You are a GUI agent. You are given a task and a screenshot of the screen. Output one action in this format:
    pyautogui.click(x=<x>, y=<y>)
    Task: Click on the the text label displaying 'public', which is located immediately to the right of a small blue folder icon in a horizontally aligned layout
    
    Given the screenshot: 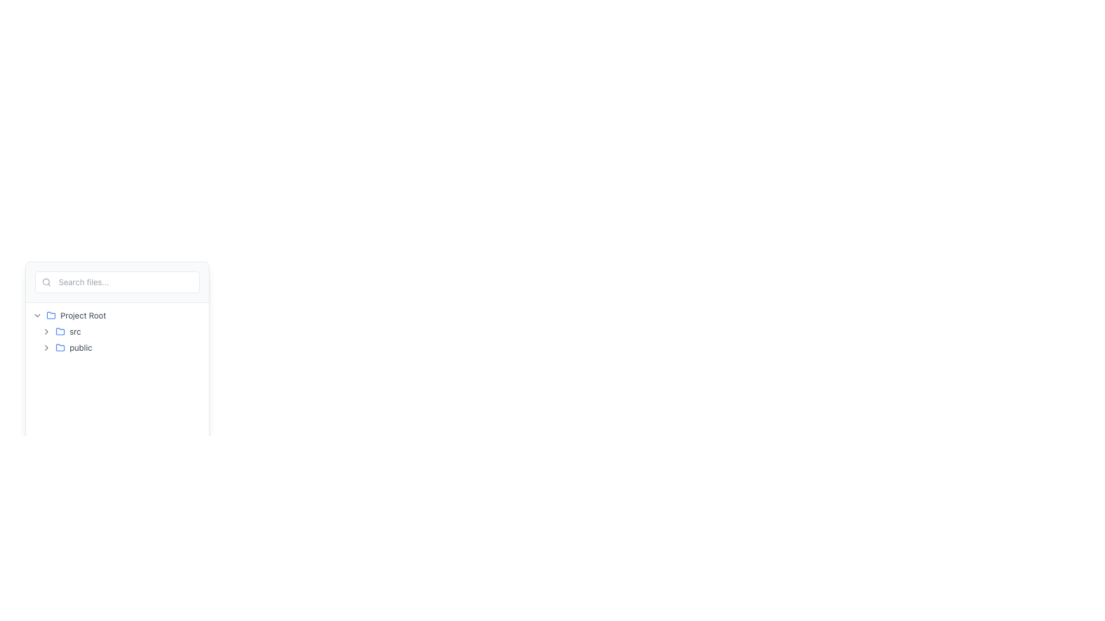 What is the action you would take?
    pyautogui.click(x=66, y=347)
    